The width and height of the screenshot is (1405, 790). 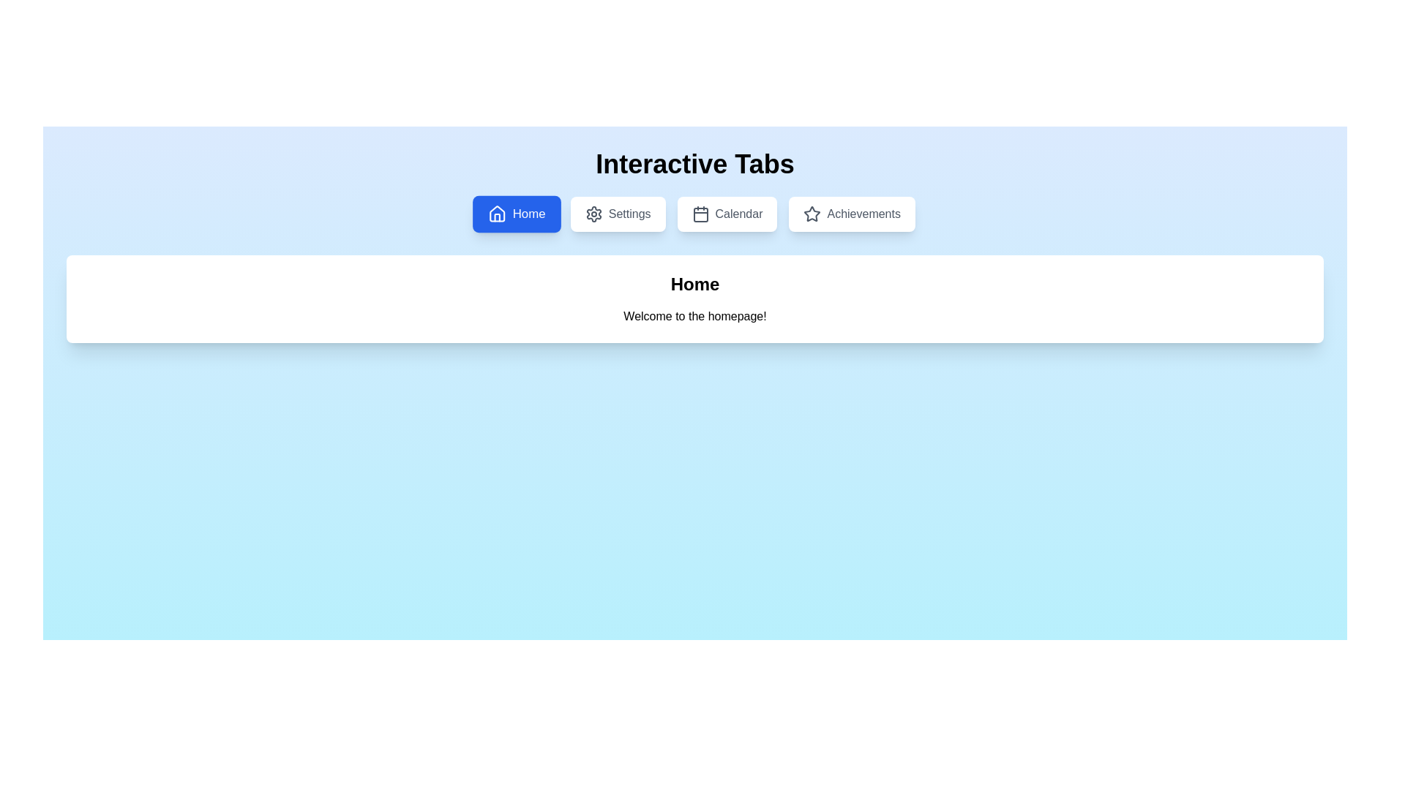 What do you see at coordinates (517, 214) in the screenshot?
I see `the tab labeled Home to trigger its hover effect` at bounding box center [517, 214].